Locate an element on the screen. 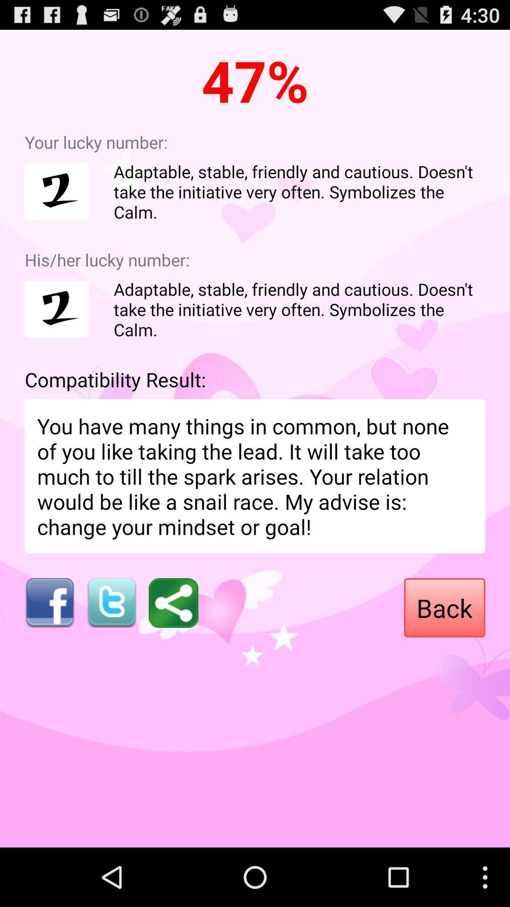  the item below the you have many item is located at coordinates (173, 602).